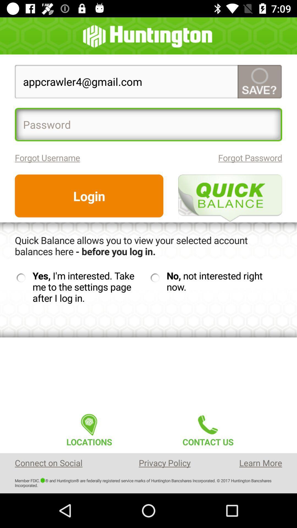  What do you see at coordinates (208, 428) in the screenshot?
I see `item next to the locations` at bounding box center [208, 428].